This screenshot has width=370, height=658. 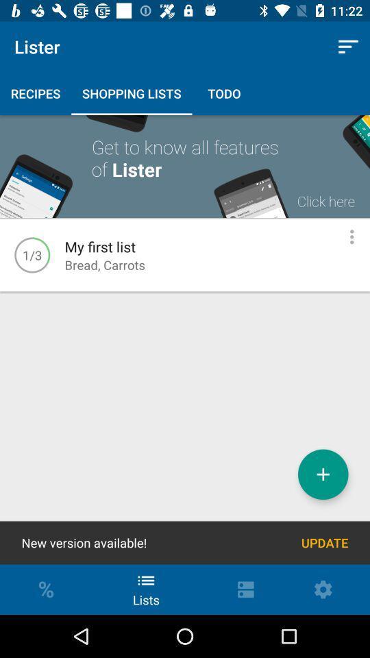 What do you see at coordinates (324, 543) in the screenshot?
I see `item next to the new version available! icon` at bounding box center [324, 543].